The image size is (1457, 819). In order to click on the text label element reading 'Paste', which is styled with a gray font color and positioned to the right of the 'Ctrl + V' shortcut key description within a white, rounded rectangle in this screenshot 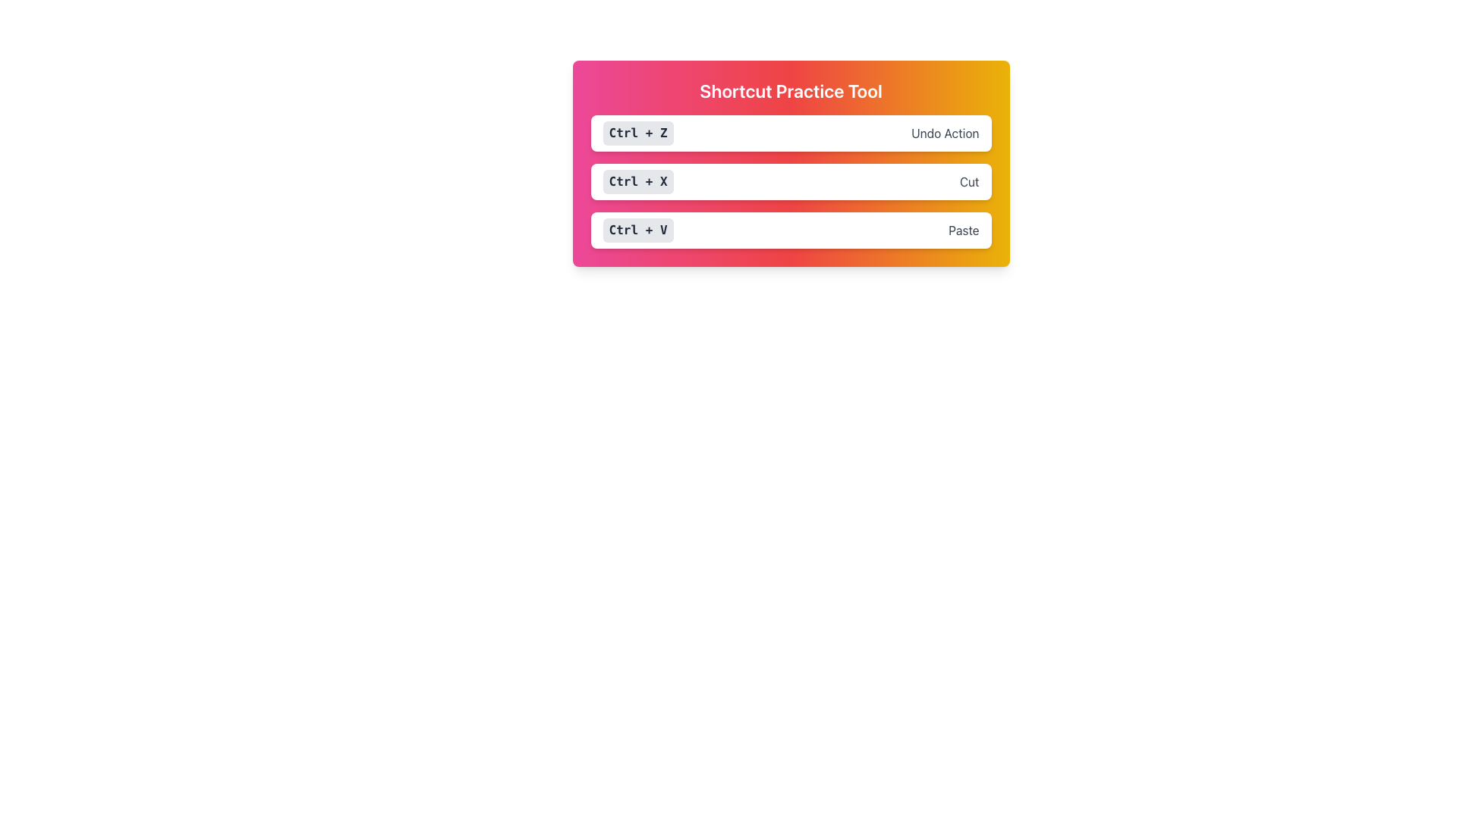, I will do `click(963, 231)`.